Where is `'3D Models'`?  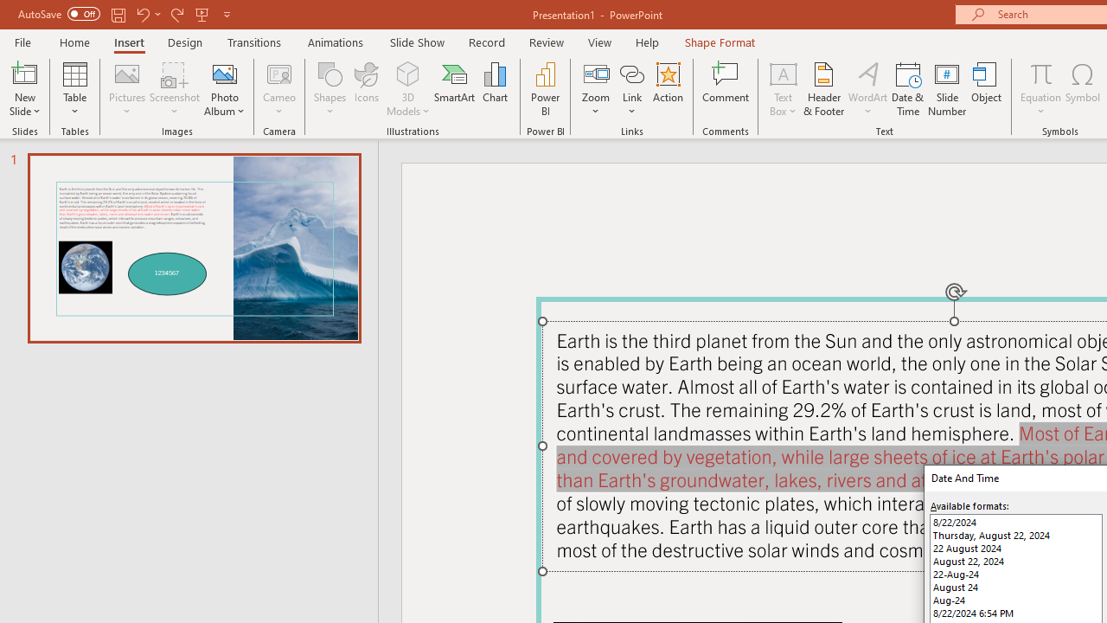 '3D Models' is located at coordinates (407, 89).